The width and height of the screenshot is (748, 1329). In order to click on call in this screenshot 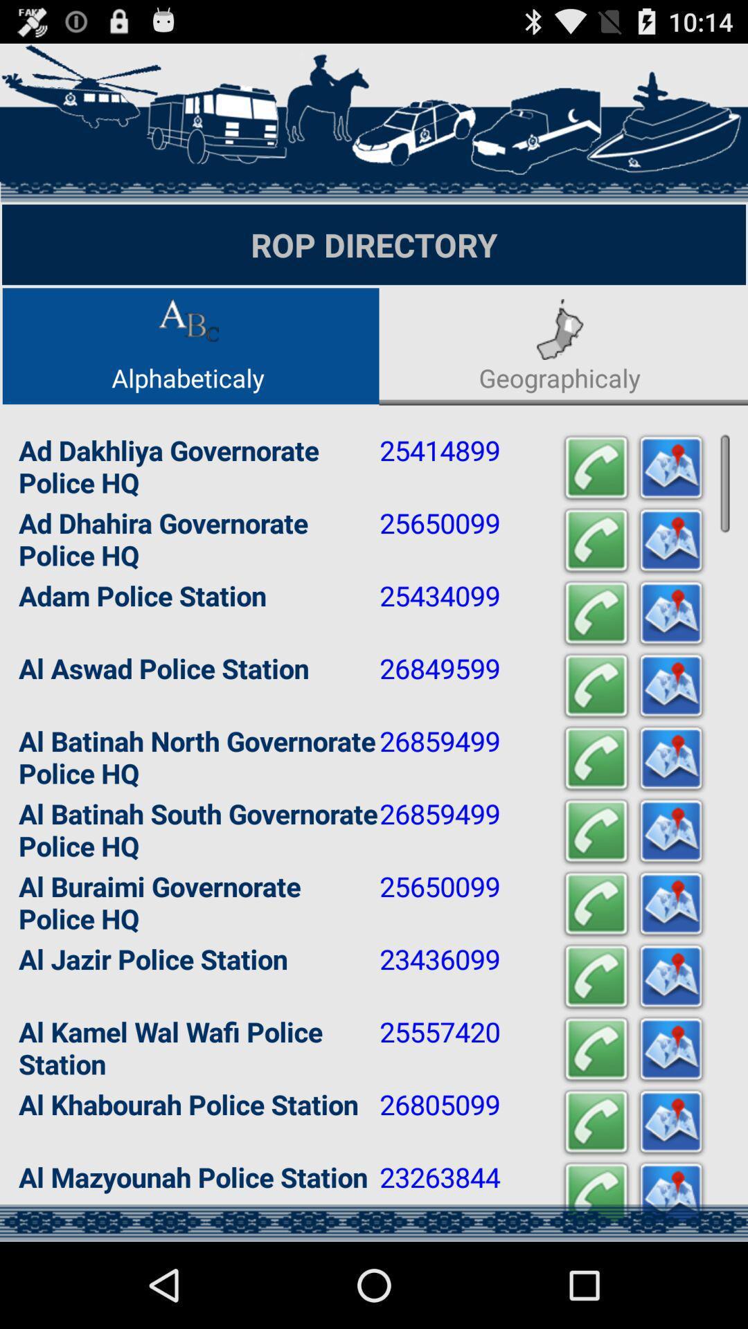, I will do `click(595, 831)`.